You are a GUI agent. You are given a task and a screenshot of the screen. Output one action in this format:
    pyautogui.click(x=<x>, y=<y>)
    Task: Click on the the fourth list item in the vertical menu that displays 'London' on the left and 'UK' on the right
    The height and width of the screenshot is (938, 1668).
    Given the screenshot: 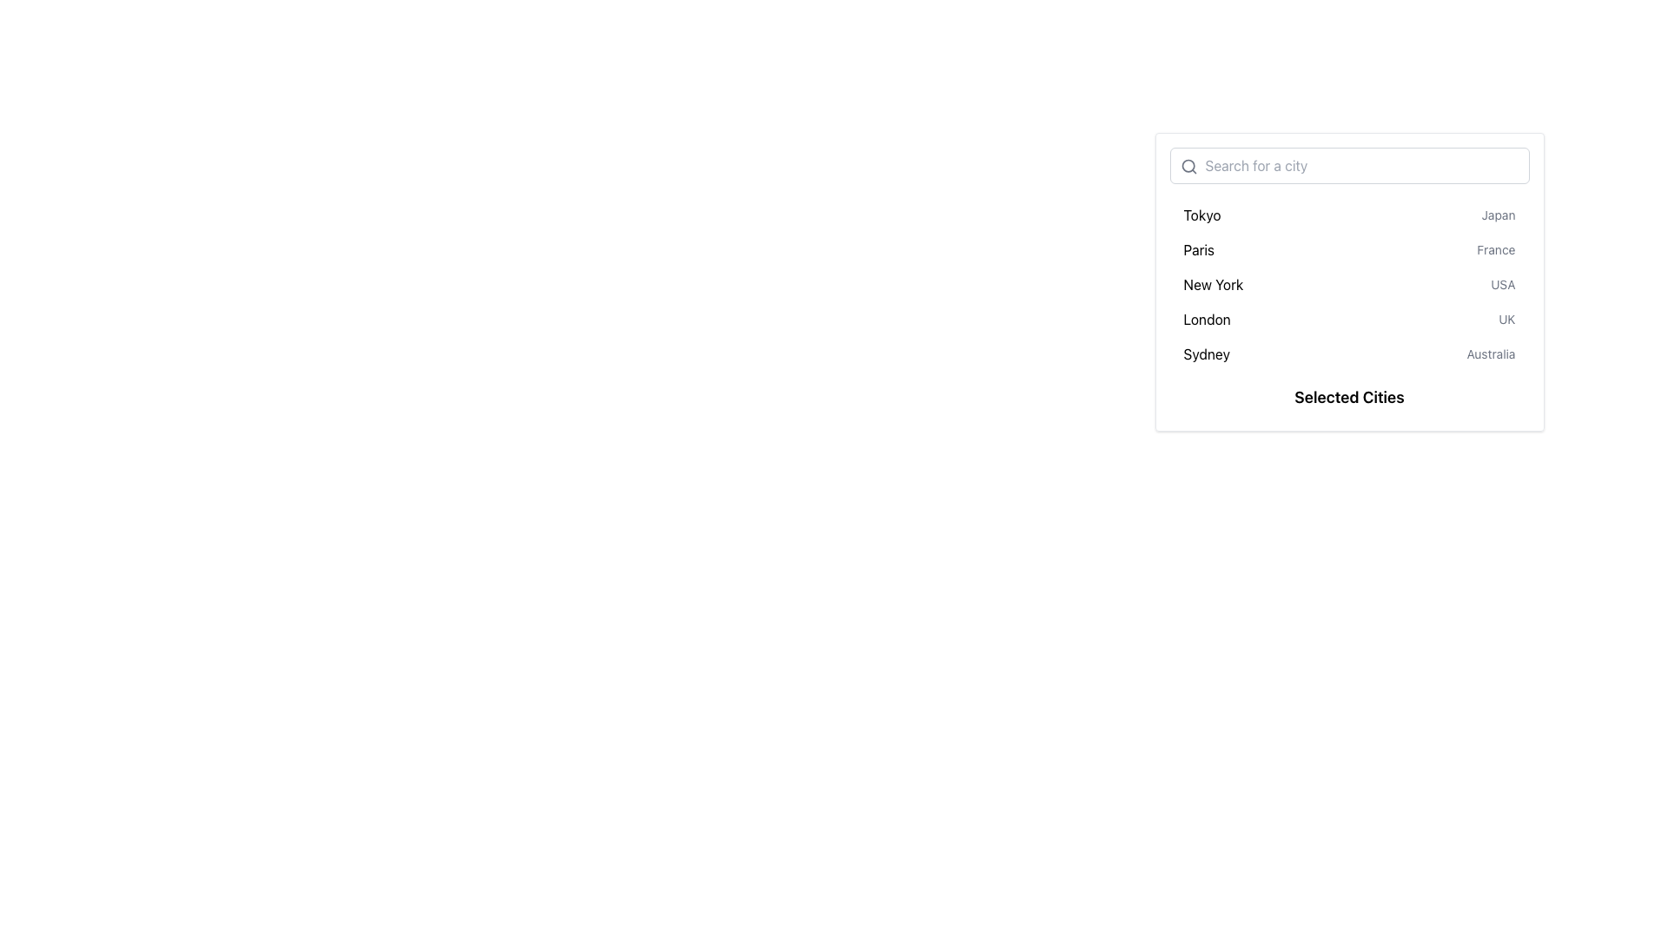 What is the action you would take?
    pyautogui.click(x=1348, y=319)
    